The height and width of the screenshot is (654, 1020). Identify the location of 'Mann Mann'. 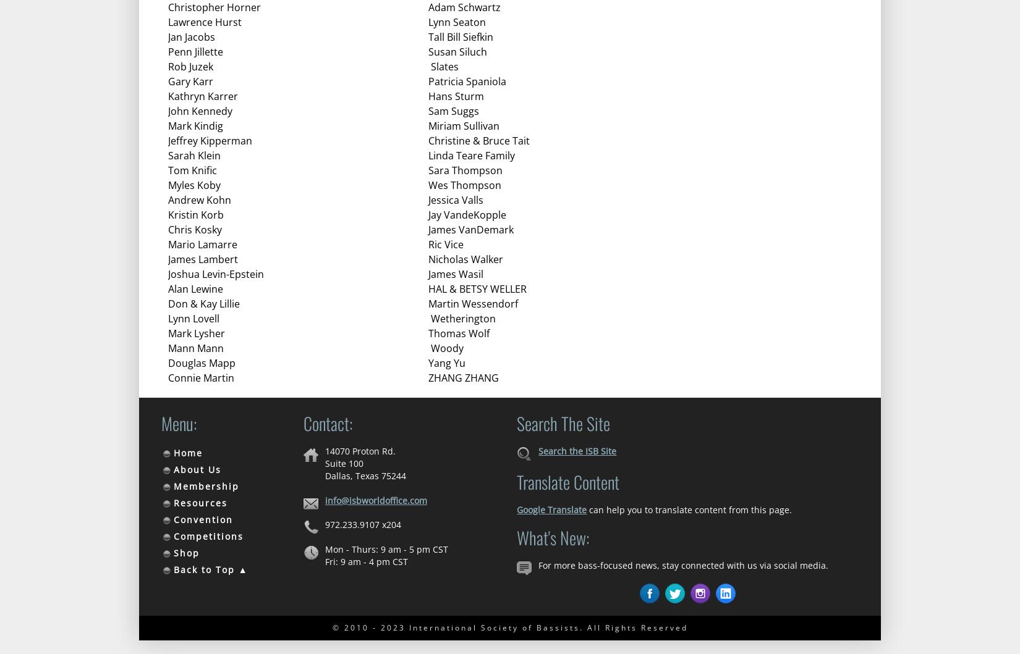
(195, 348).